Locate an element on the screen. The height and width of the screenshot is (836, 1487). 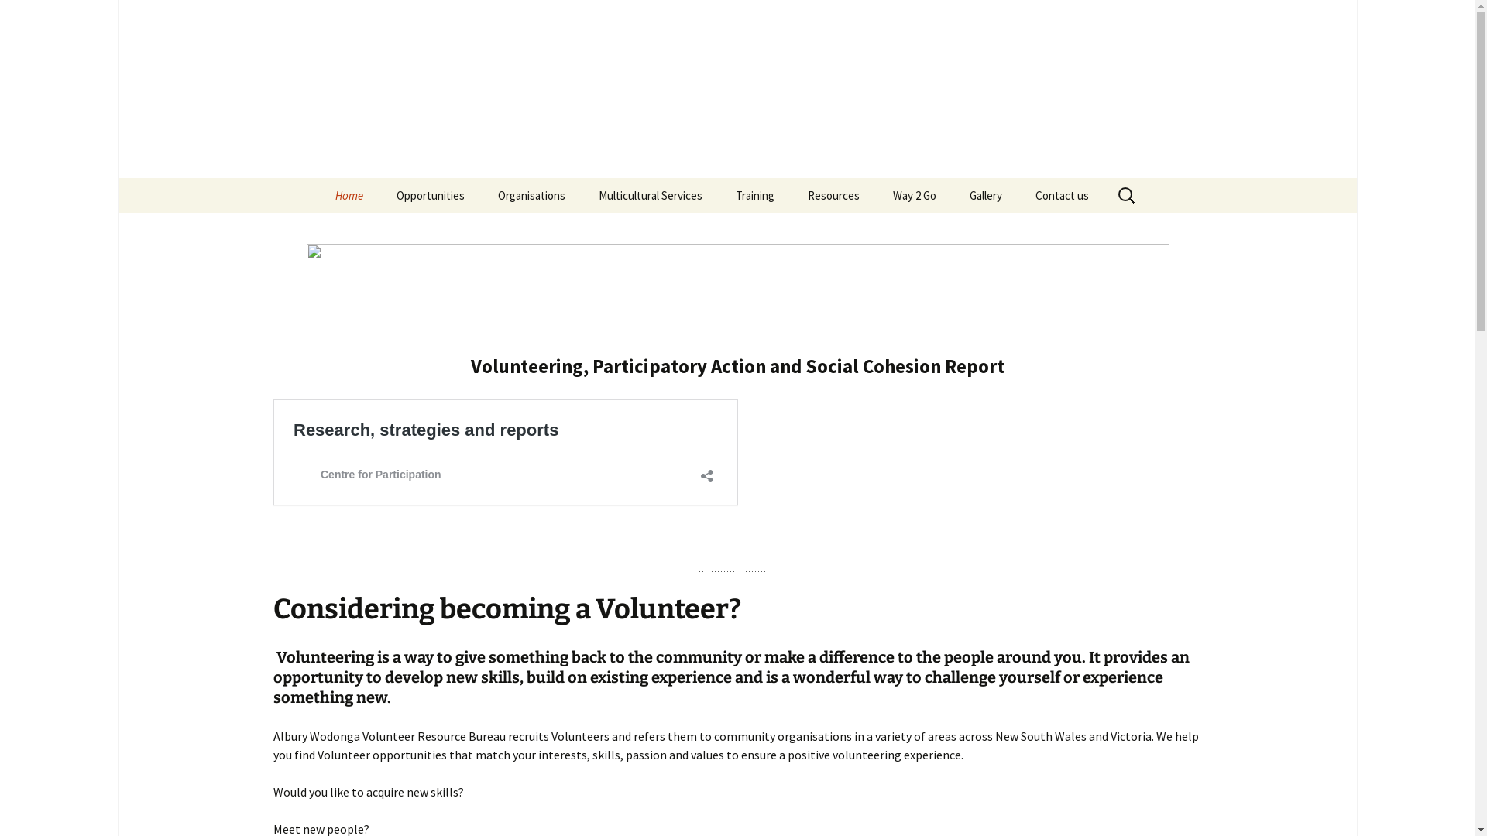
'CALD Services Guide' is located at coordinates (792, 230).